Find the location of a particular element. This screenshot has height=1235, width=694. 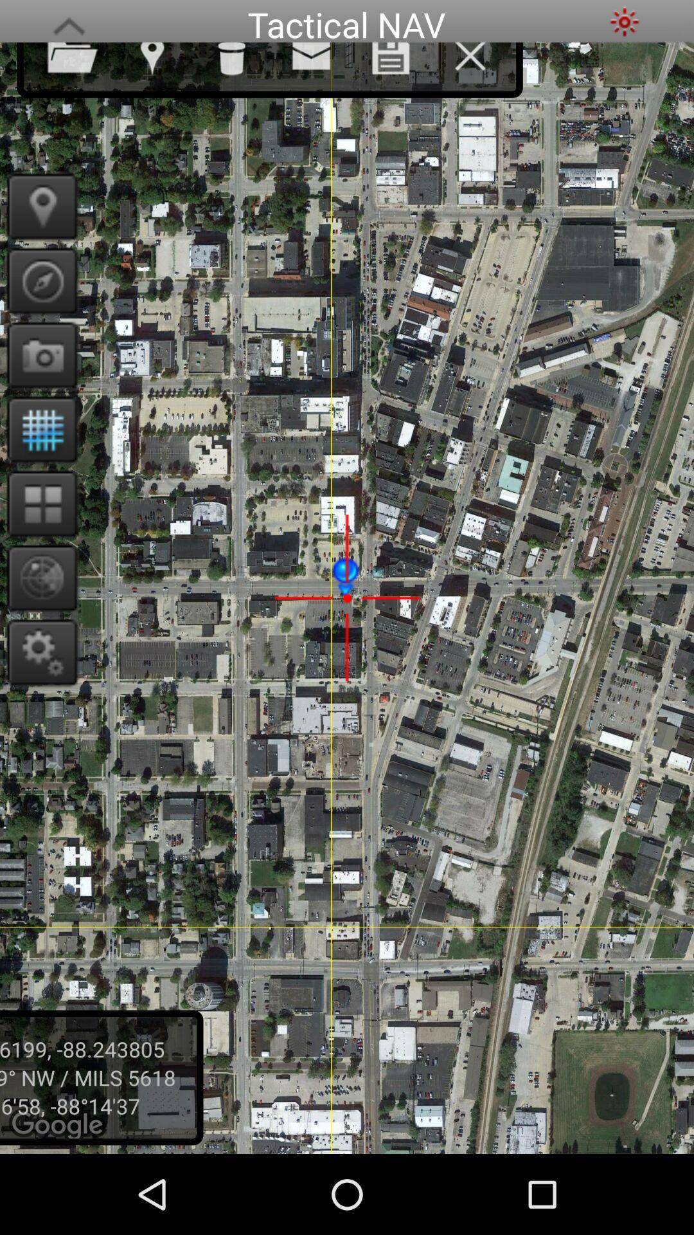

place mark on map is located at coordinates (37, 206).